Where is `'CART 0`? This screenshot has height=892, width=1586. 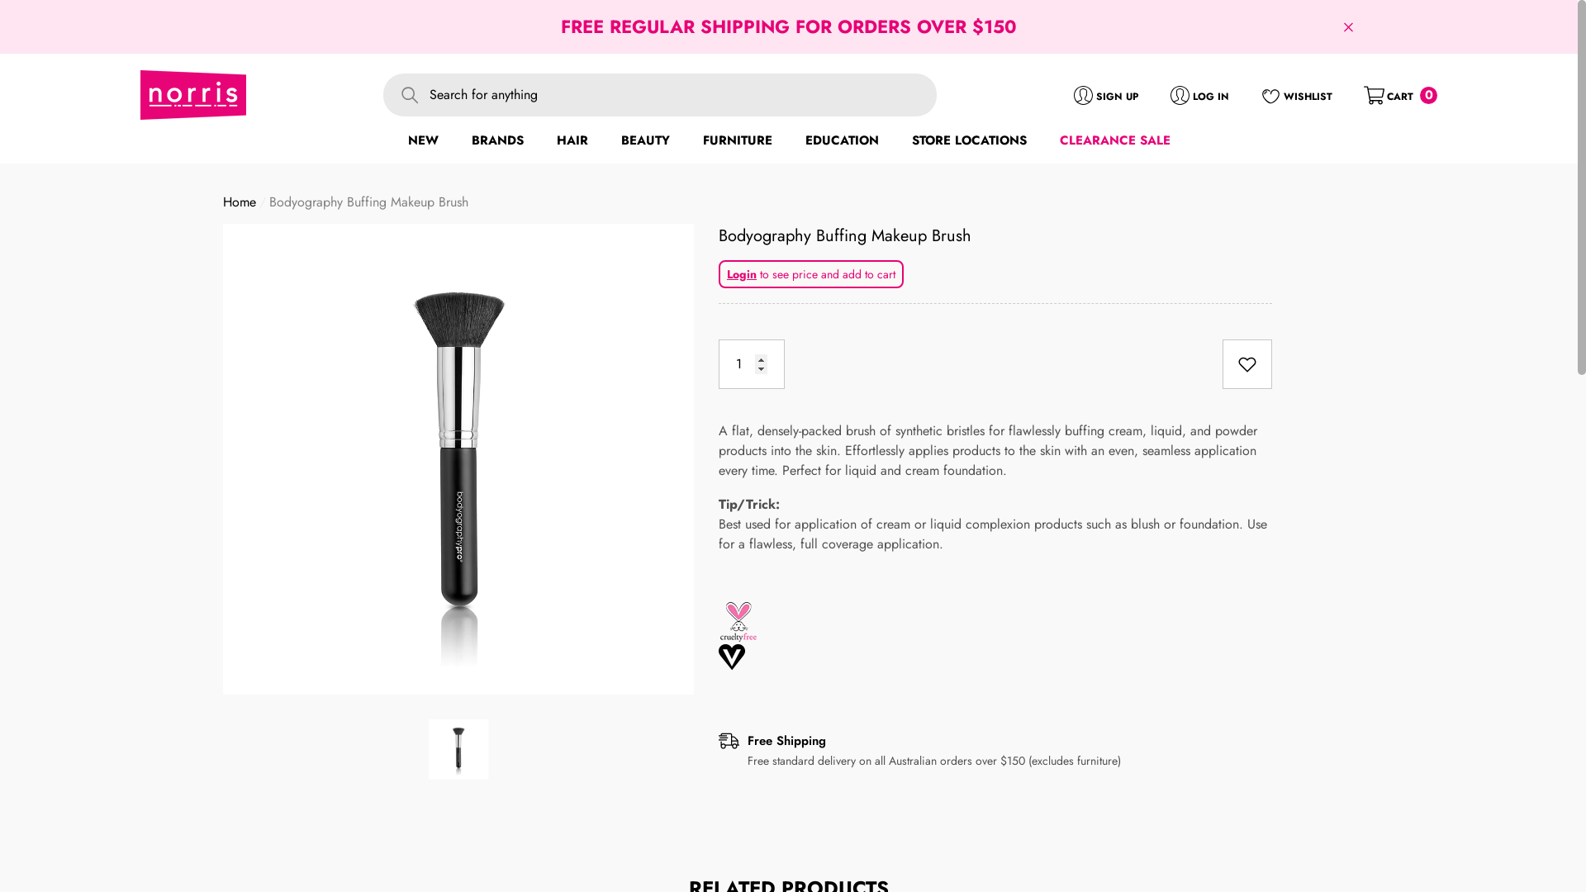
'CART 0 is located at coordinates (1399, 94).